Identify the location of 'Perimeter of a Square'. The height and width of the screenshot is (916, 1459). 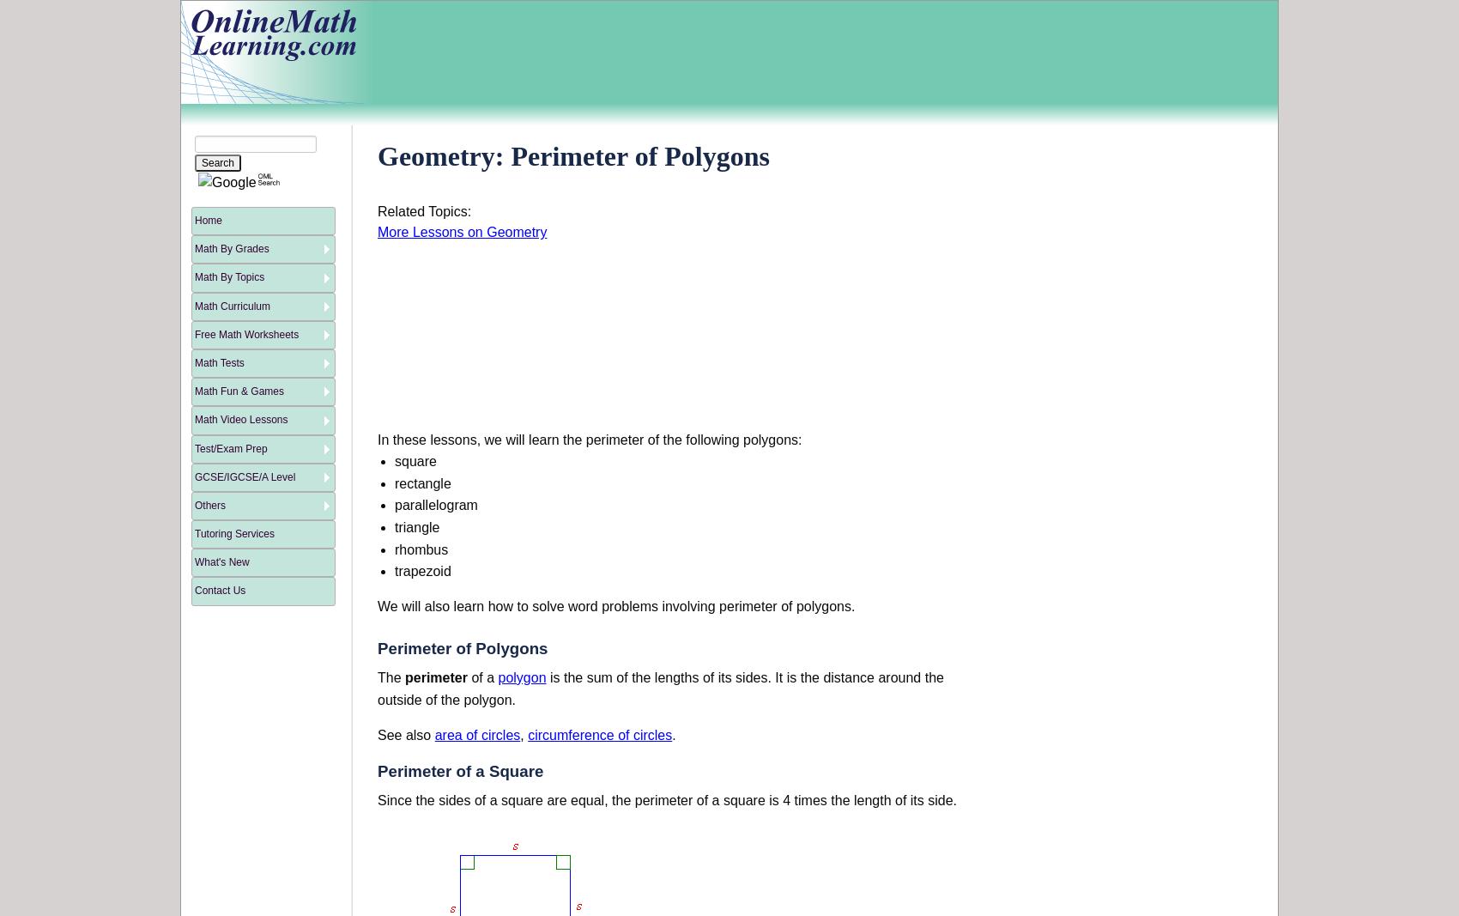
(459, 770).